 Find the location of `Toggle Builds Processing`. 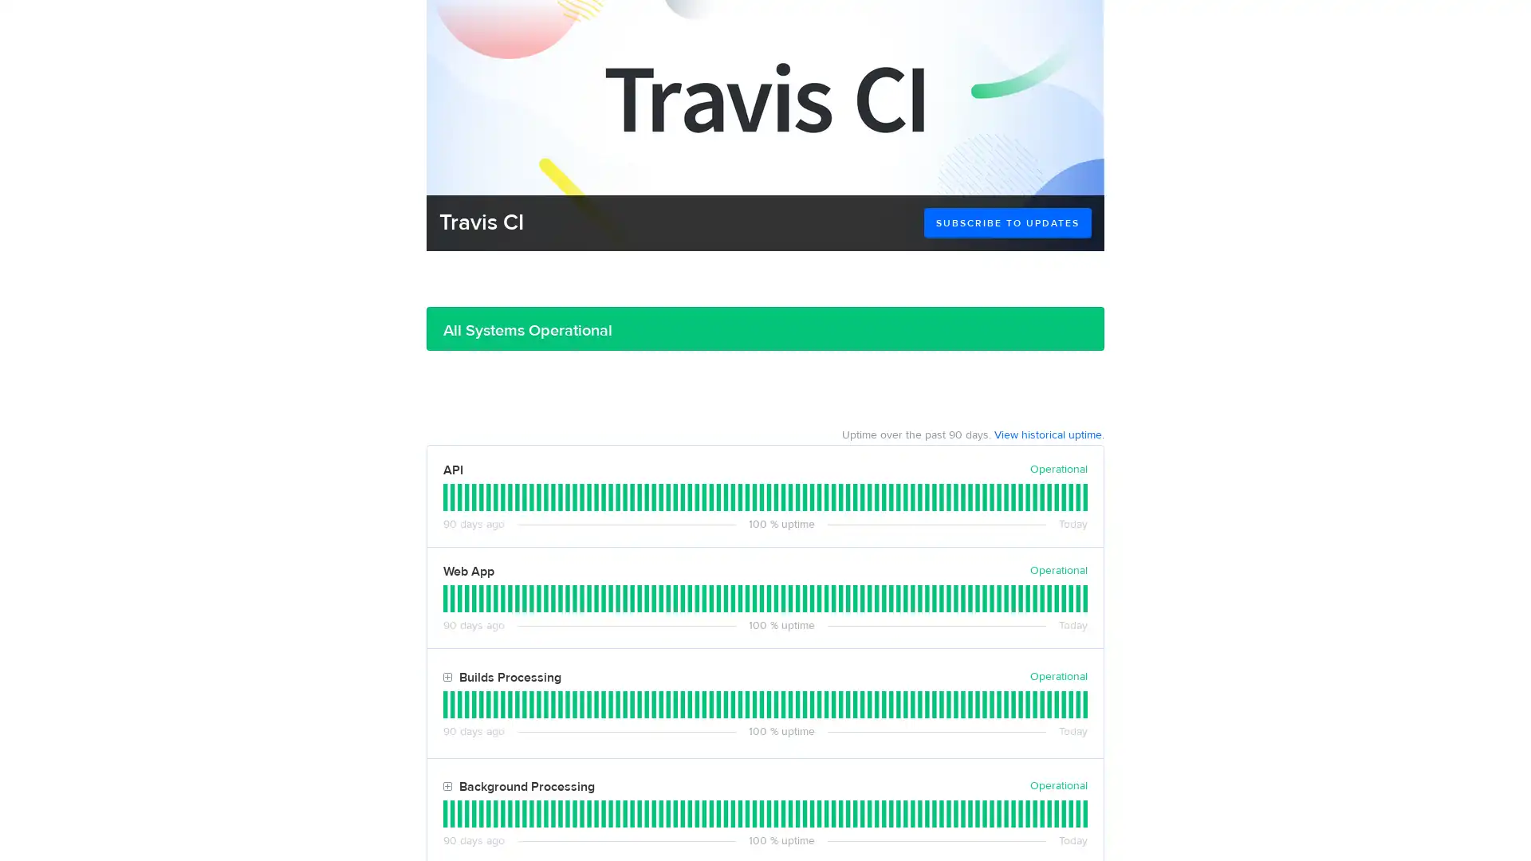

Toggle Builds Processing is located at coordinates (447, 678).